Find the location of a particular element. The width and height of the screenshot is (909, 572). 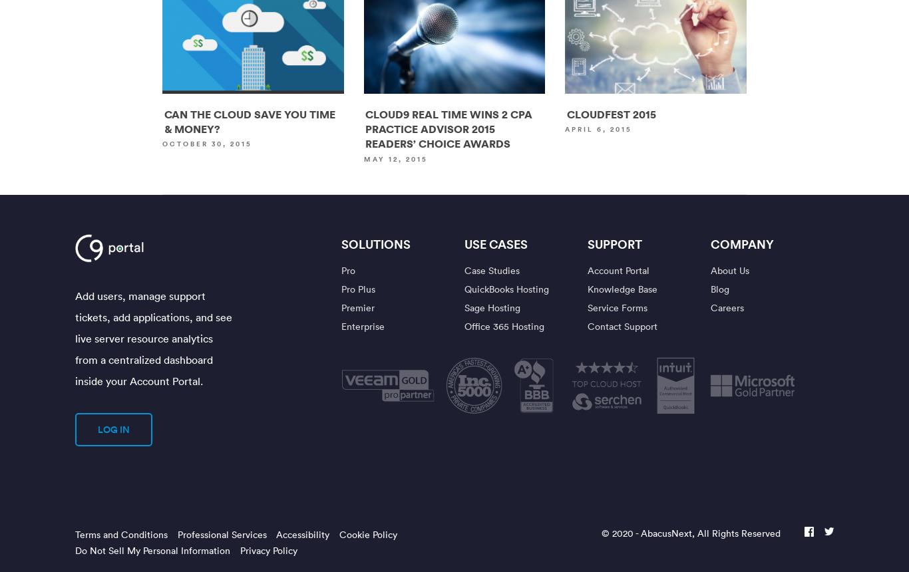

'Pro' is located at coordinates (341, 269).